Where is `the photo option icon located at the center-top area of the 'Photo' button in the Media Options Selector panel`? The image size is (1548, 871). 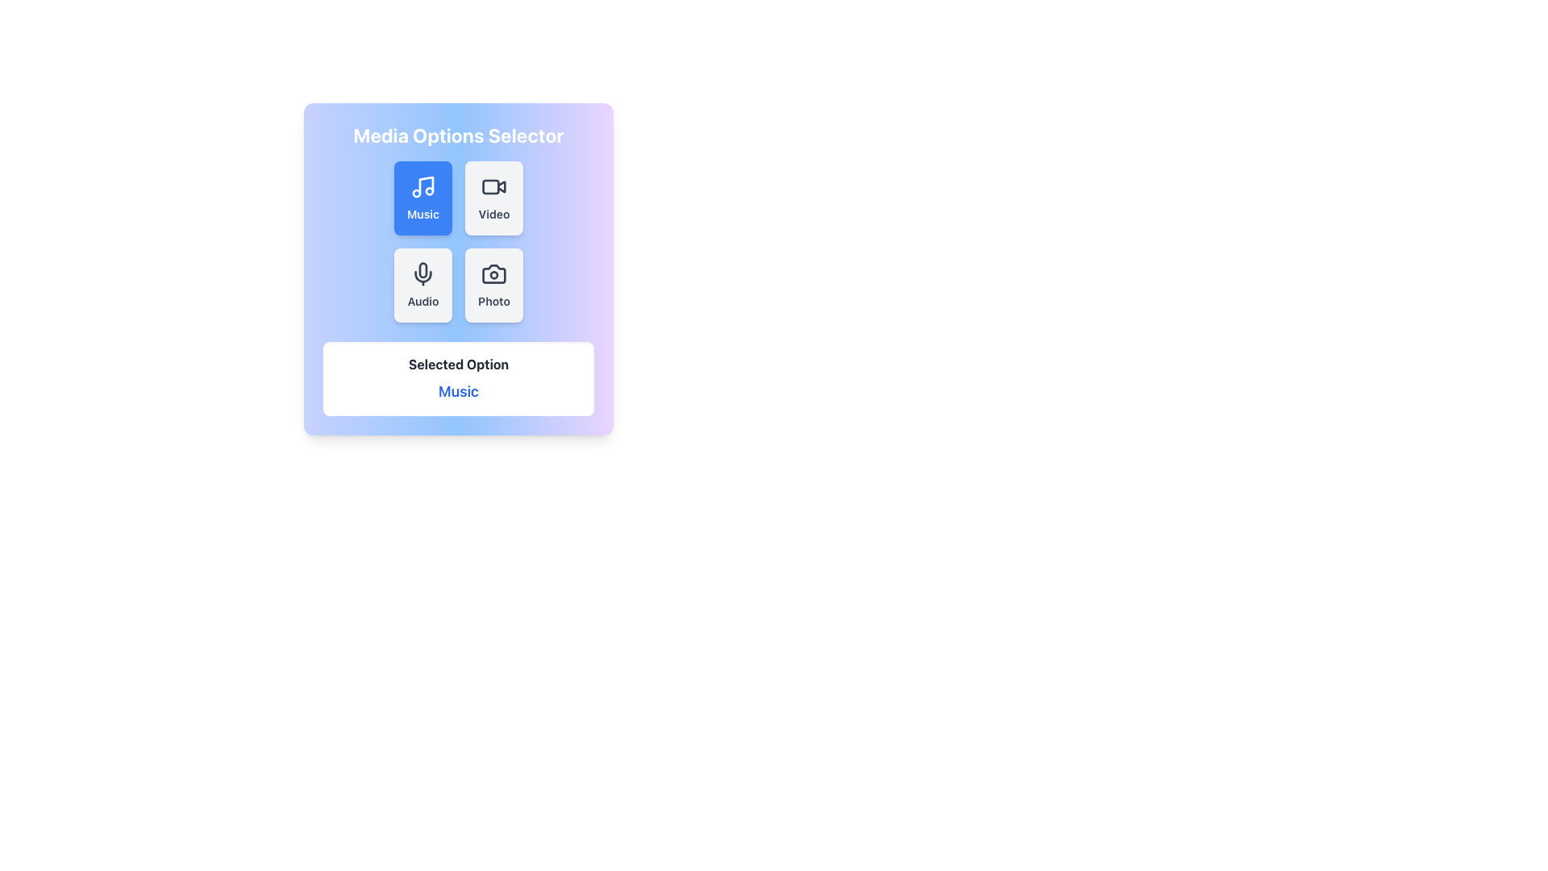 the photo option icon located at the center-top area of the 'Photo' button in the Media Options Selector panel is located at coordinates (493, 273).